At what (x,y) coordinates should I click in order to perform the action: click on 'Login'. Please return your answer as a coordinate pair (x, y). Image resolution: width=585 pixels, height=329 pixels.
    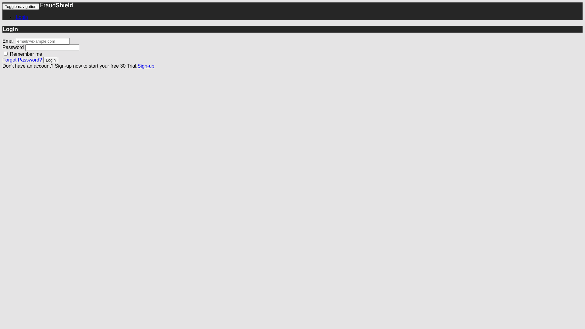
    Looking at the image, I should click on (51, 60).